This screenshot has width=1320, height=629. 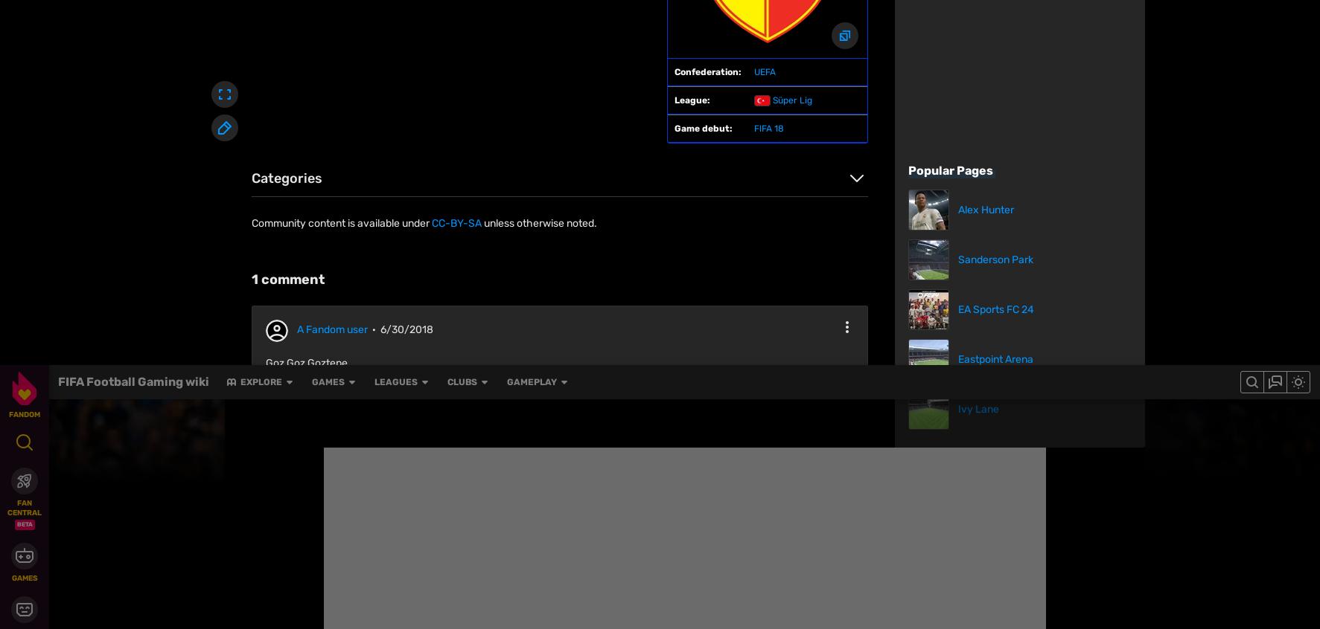 I want to click on 'Community', so click(x=719, y=590).